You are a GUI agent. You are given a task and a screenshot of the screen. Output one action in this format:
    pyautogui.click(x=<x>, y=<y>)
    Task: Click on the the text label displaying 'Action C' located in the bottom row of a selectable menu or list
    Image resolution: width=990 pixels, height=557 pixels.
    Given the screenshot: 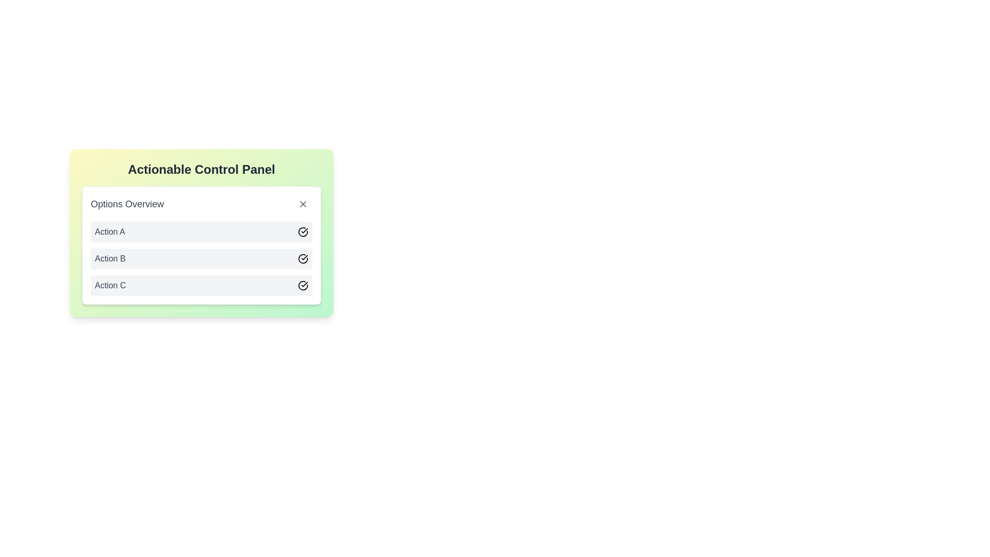 What is the action you would take?
    pyautogui.click(x=110, y=286)
    